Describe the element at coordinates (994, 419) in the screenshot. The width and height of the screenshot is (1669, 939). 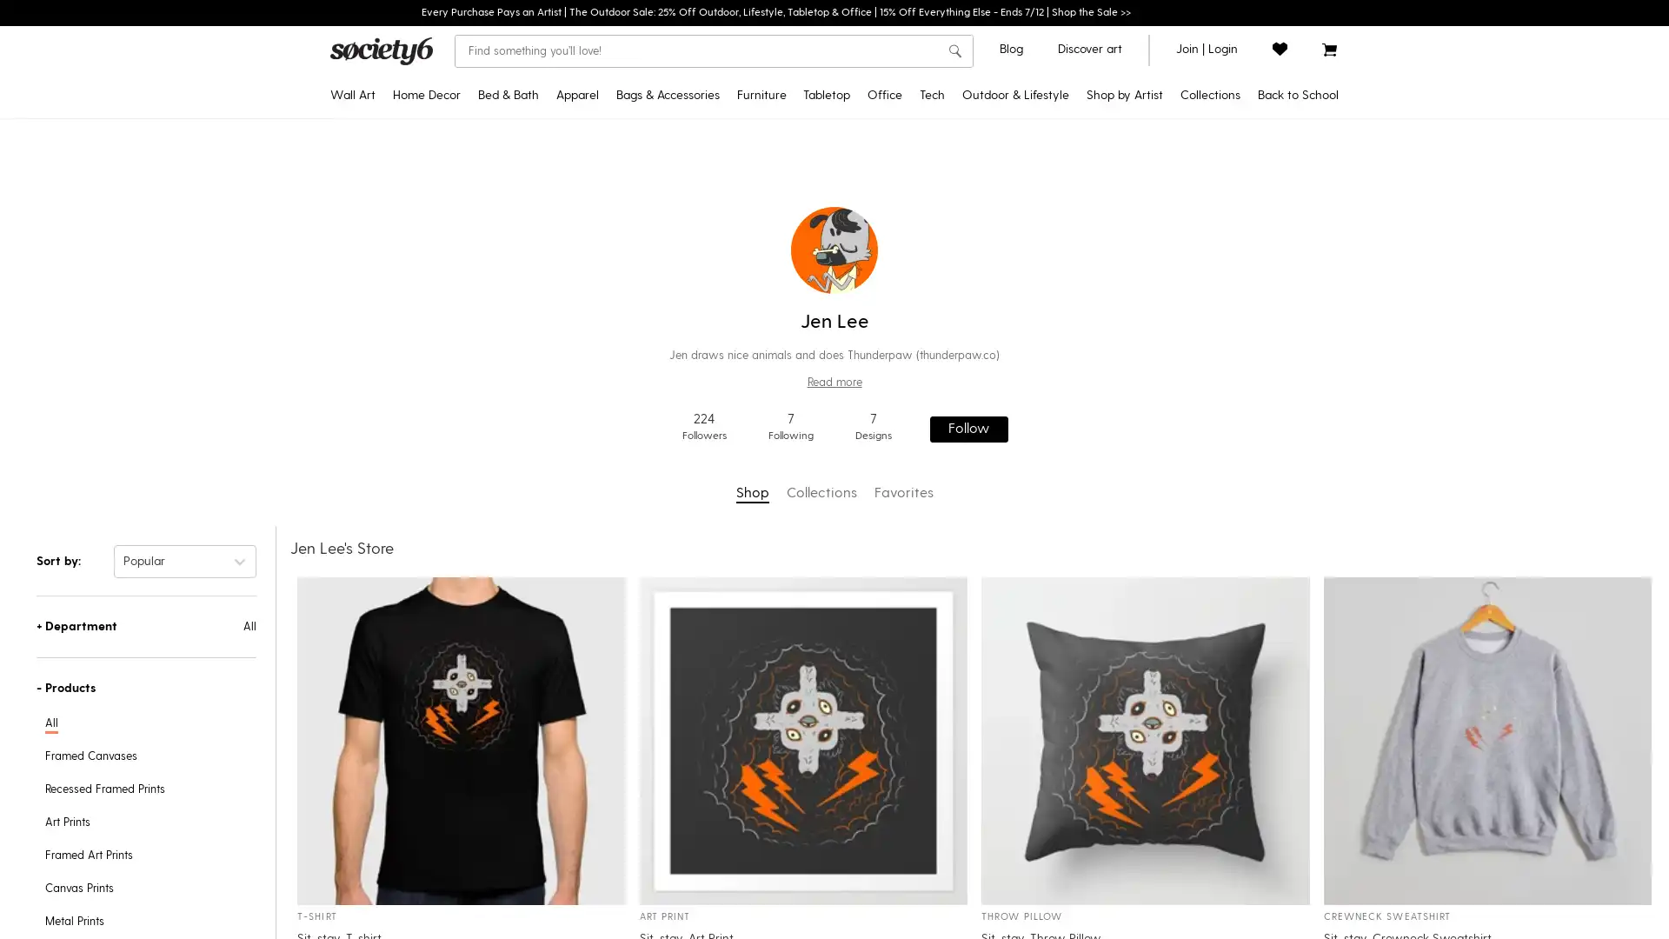
I see `Laptop Skins` at that location.